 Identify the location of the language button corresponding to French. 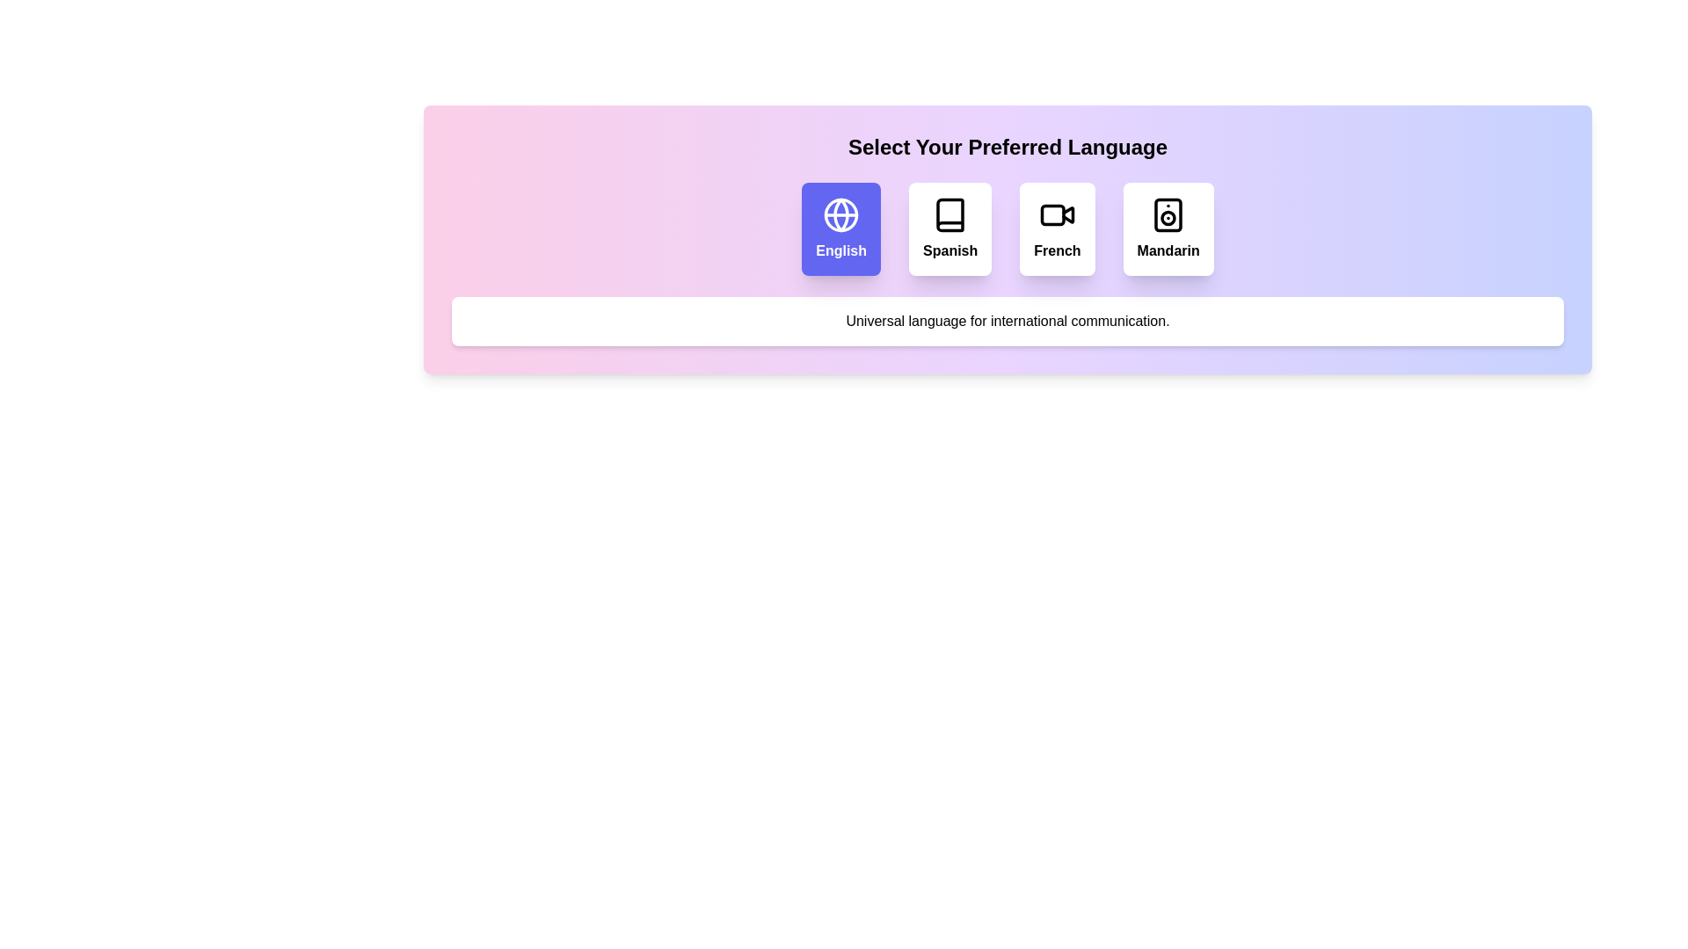
(1057, 228).